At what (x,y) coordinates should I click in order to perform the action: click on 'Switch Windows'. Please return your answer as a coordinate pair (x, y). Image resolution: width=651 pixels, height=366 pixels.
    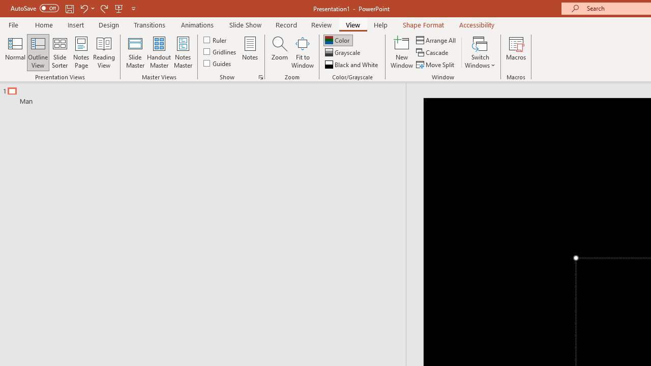
    Looking at the image, I should click on (480, 52).